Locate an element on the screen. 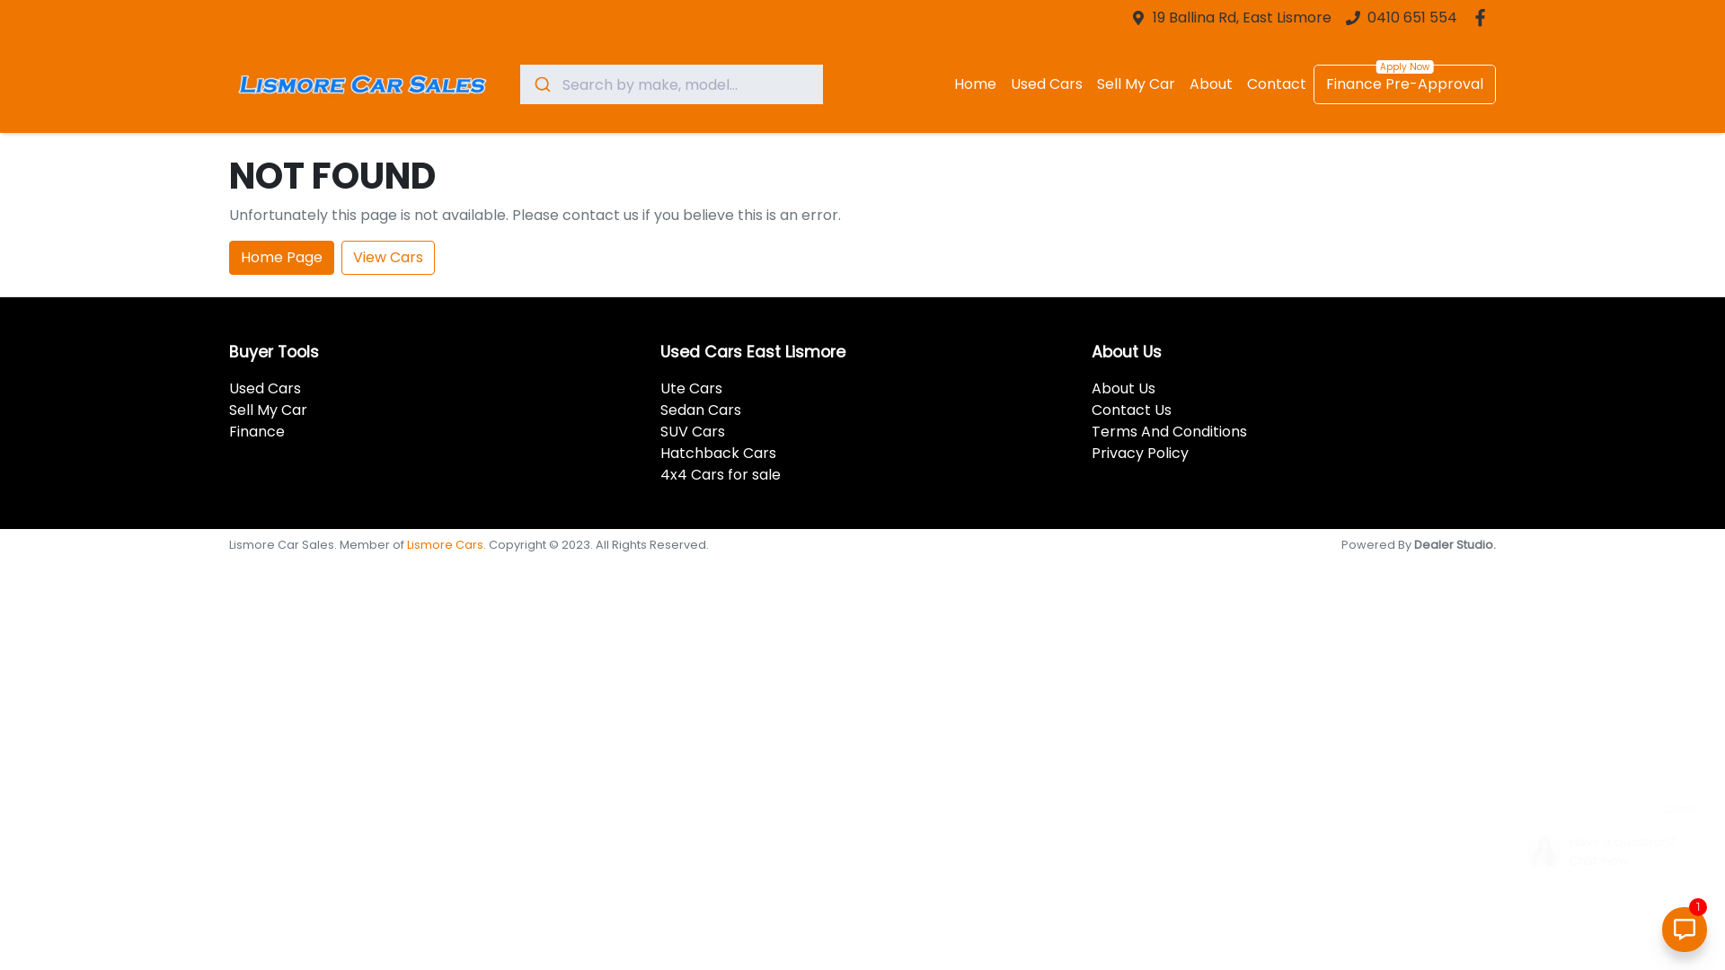 The height and width of the screenshot is (970, 1725). 'Home Page' is located at coordinates (280, 257).